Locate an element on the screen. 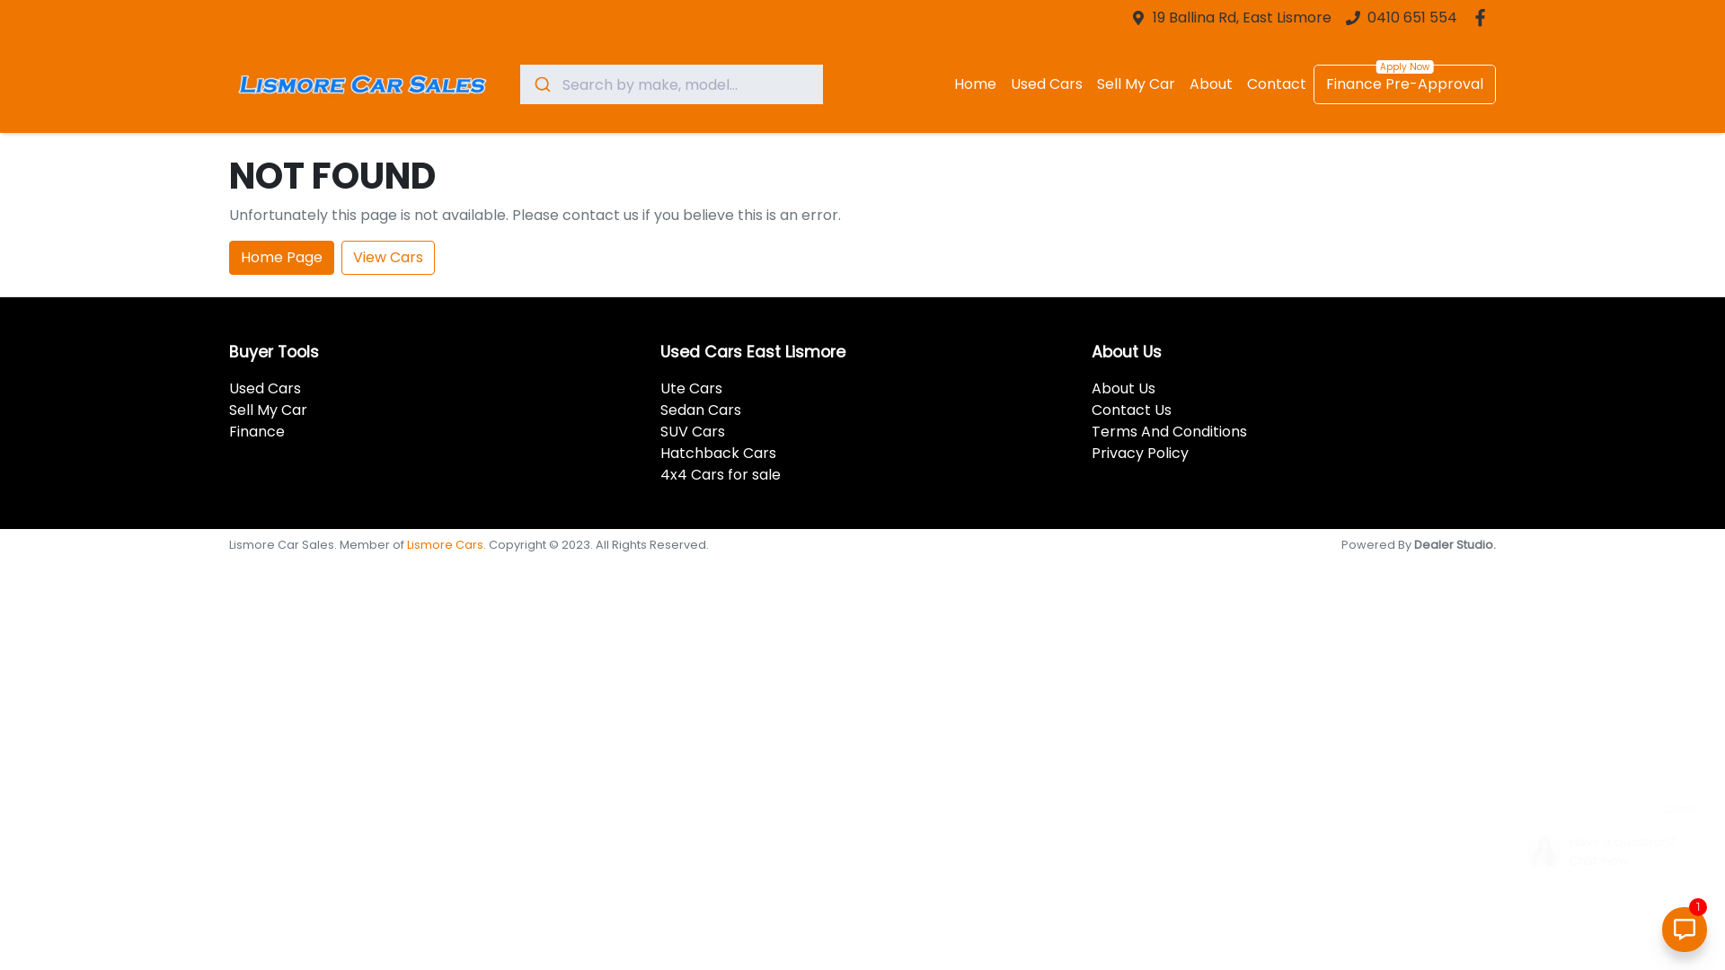 The height and width of the screenshot is (970, 1725). 'Home Page' is located at coordinates (280, 257).